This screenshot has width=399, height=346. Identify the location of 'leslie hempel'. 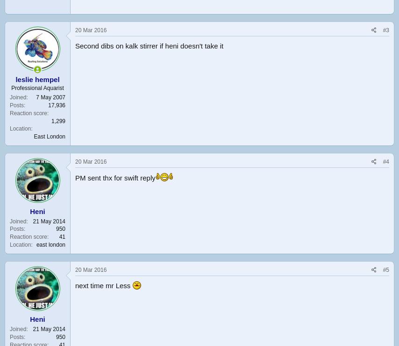
(37, 79).